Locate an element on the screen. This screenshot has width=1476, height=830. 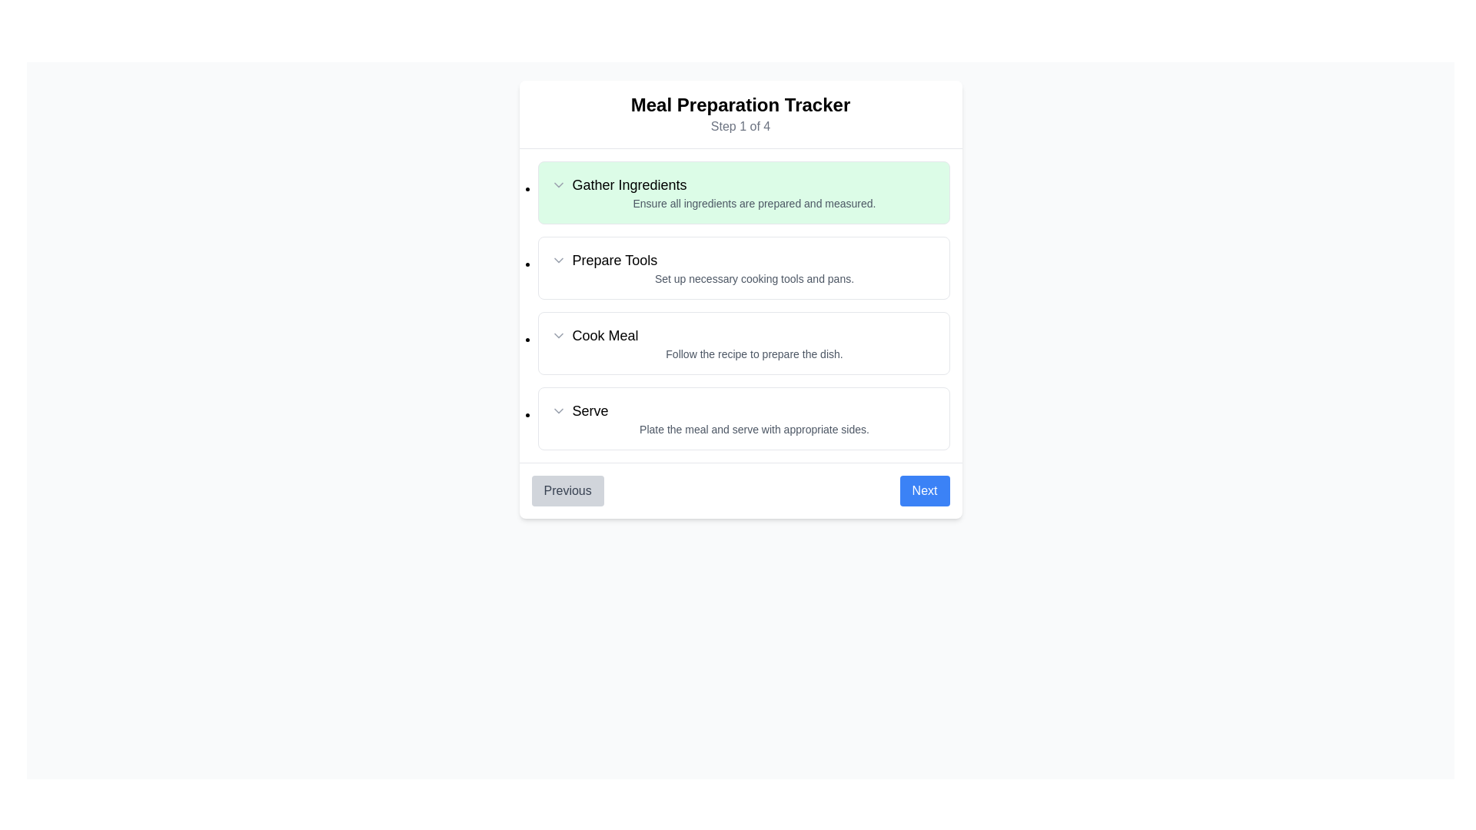
the dropdown indicator icon located to the immediate left of the 'Serve' text in the last row of the step descriptions is located at coordinates (557, 410).